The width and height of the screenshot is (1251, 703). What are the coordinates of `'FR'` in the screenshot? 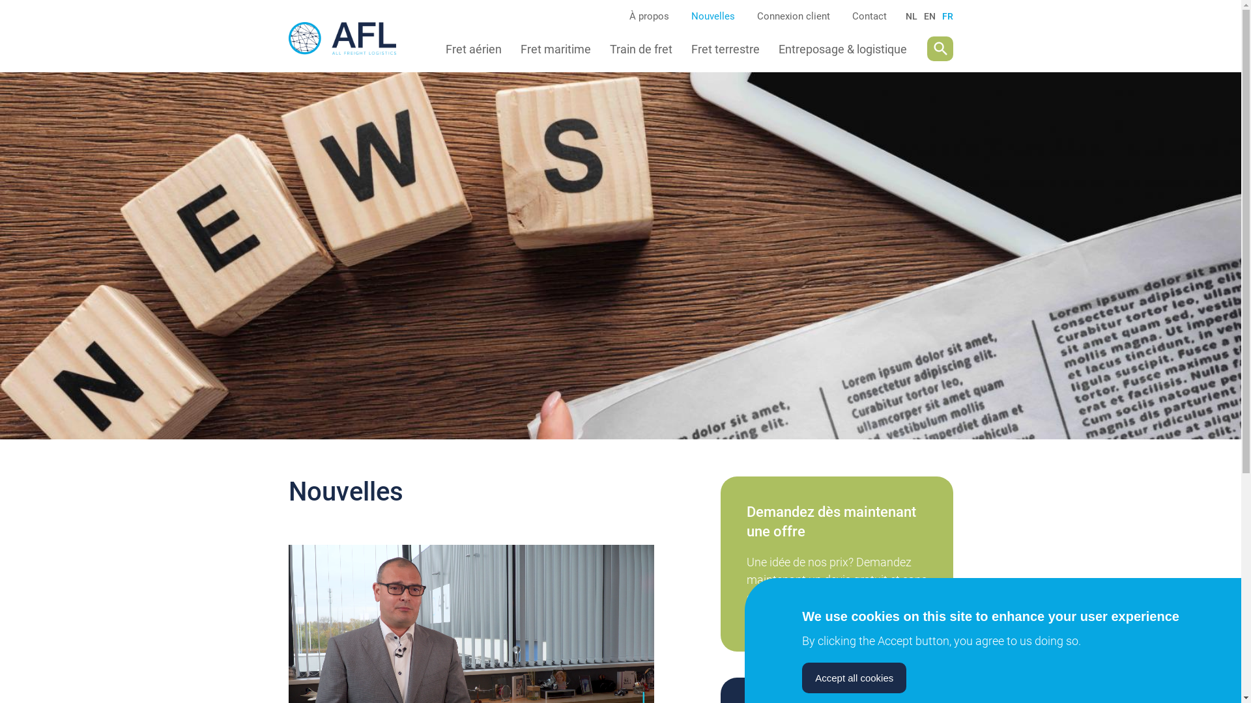 It's located at (947, 16).